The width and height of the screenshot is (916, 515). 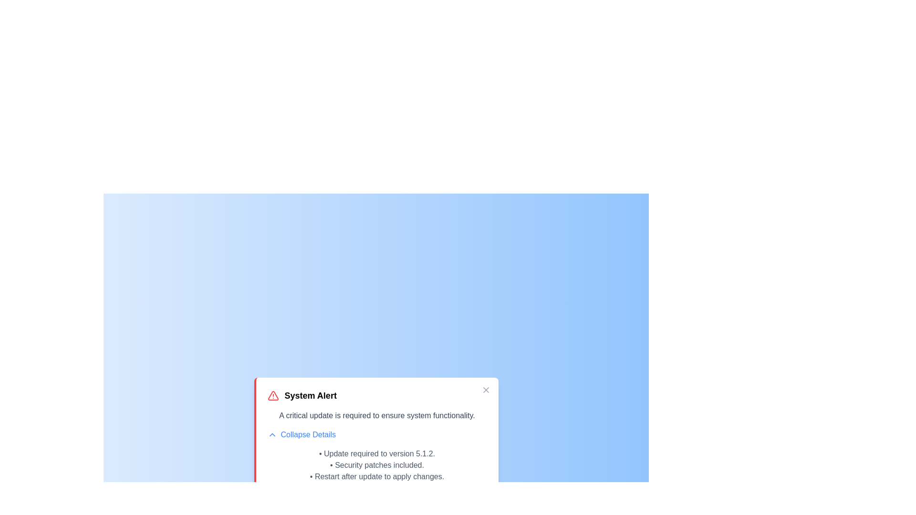 I want to click on close button to hide the alert, so click(x=486, y=390).